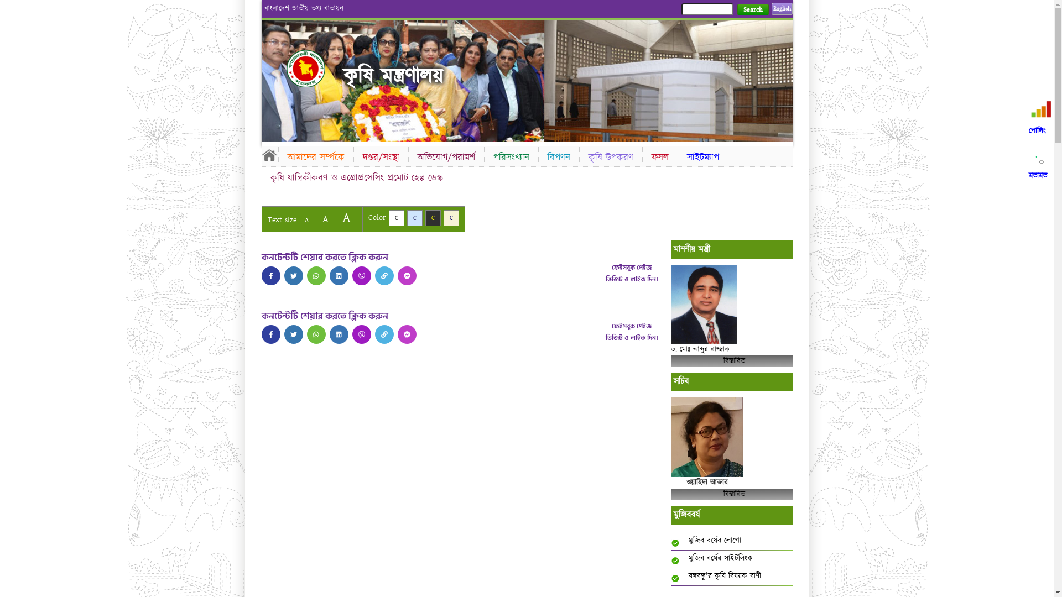 The image size is (1062, 597). I want to click on 'C', so click(432, 218).